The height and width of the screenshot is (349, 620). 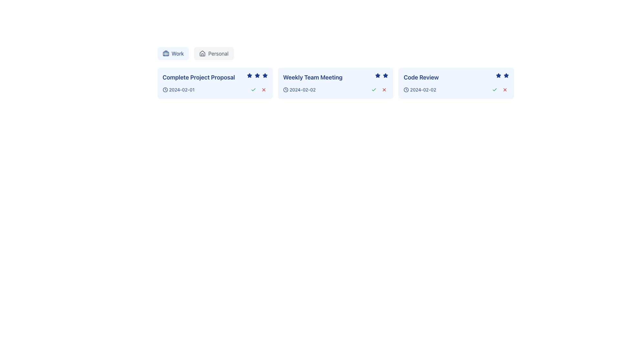 I want to click on the visual marker icon located at the top-right corner of the 'Code Review' card, so click(x=505, y=75).